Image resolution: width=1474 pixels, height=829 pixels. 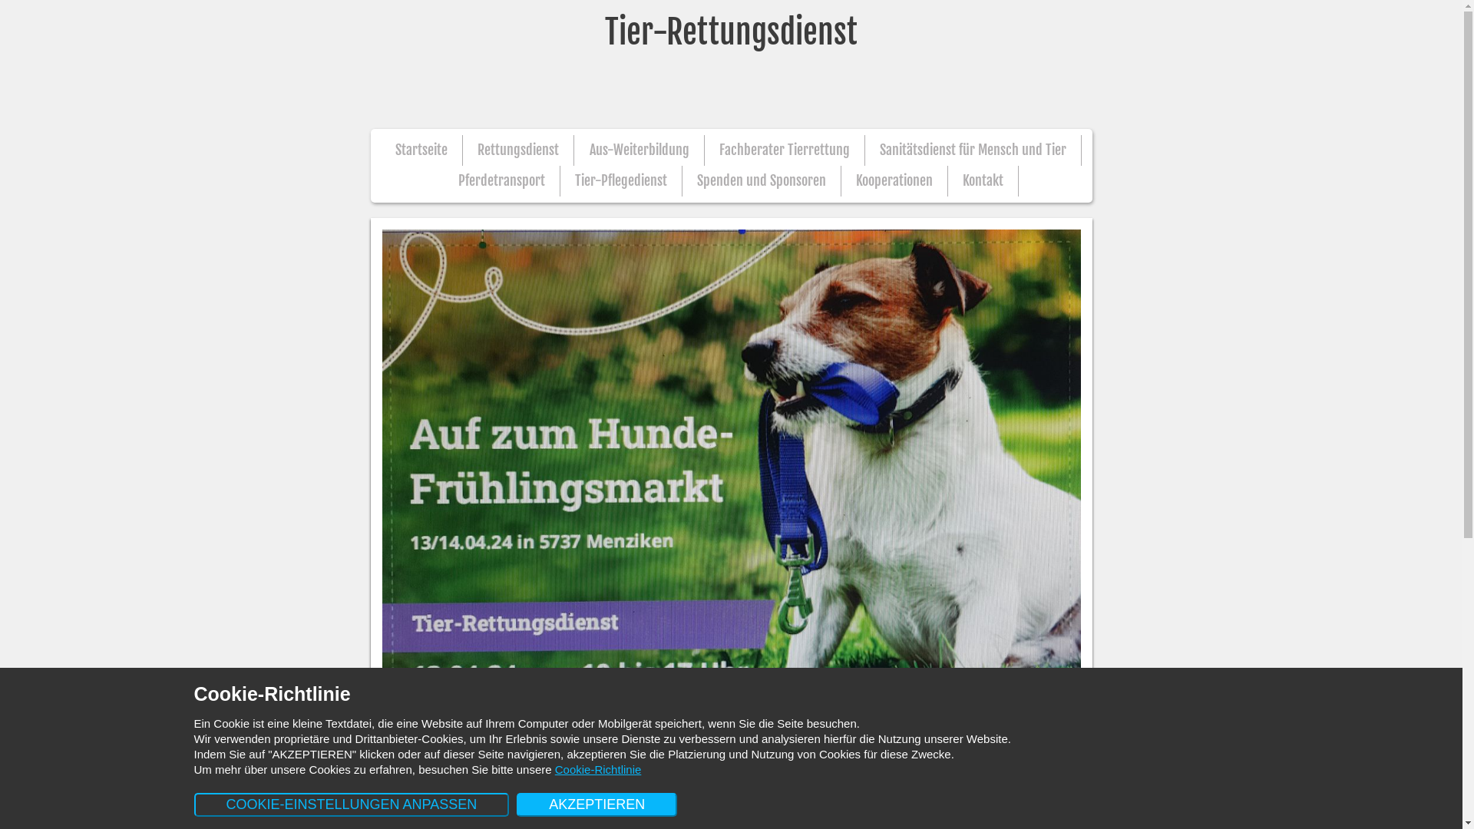 I want to click on 'Kooperationen', so click(x=894, y=180).